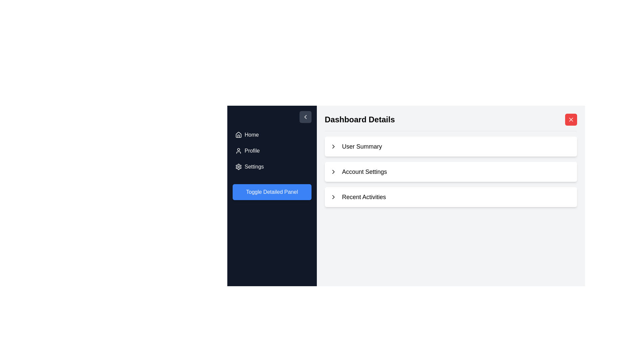 This screenshot has width=639, height=359. What do you see at coordinates (305, 116) in the screenshot?
I see `the toggle button for collapsing the navigation panel located at the top-right corner of the vertical navigation menu` at bounding box center [305, 116].